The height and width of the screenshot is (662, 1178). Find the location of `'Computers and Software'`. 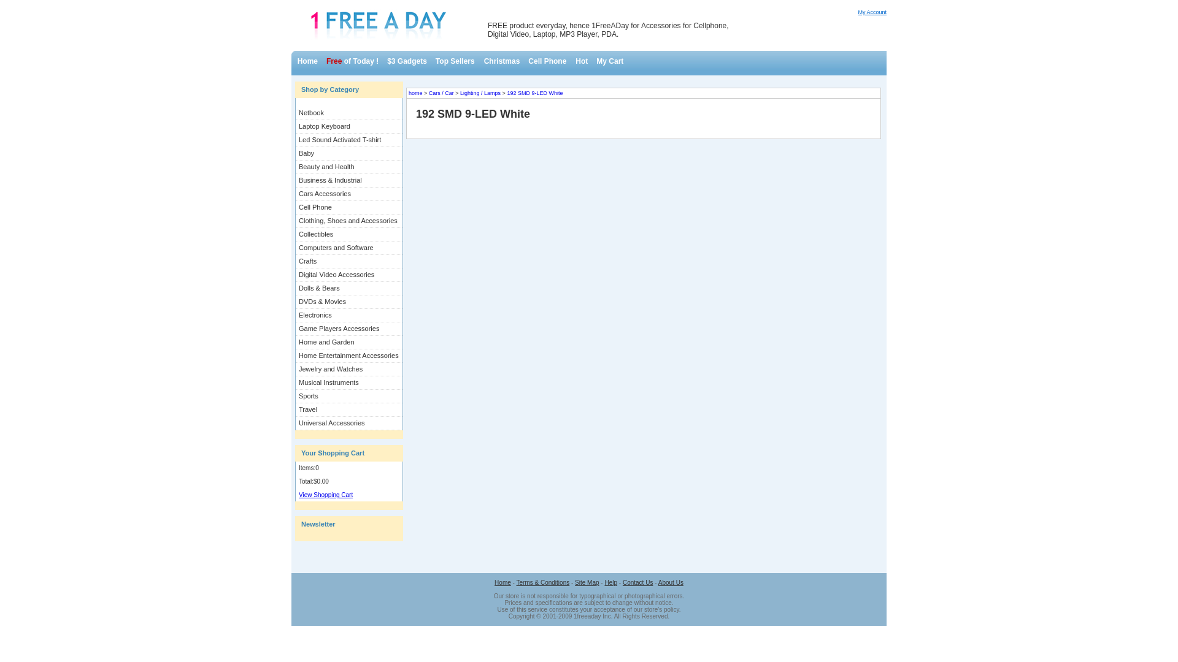

'Computers and Software' is located at coordinates (350, 248).